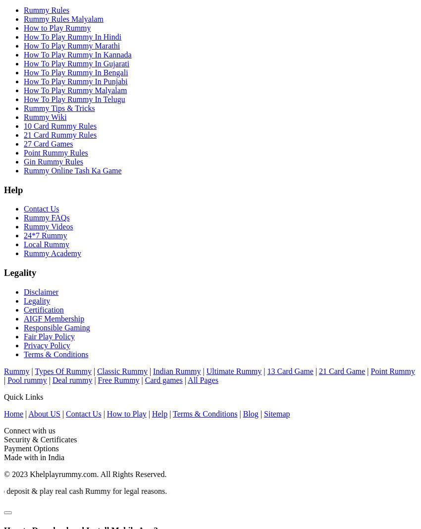 The image size is (421, 529). Describe the element at coordinates (118, 379) in the screenshot. I see `'Free Rummy'` at that location.